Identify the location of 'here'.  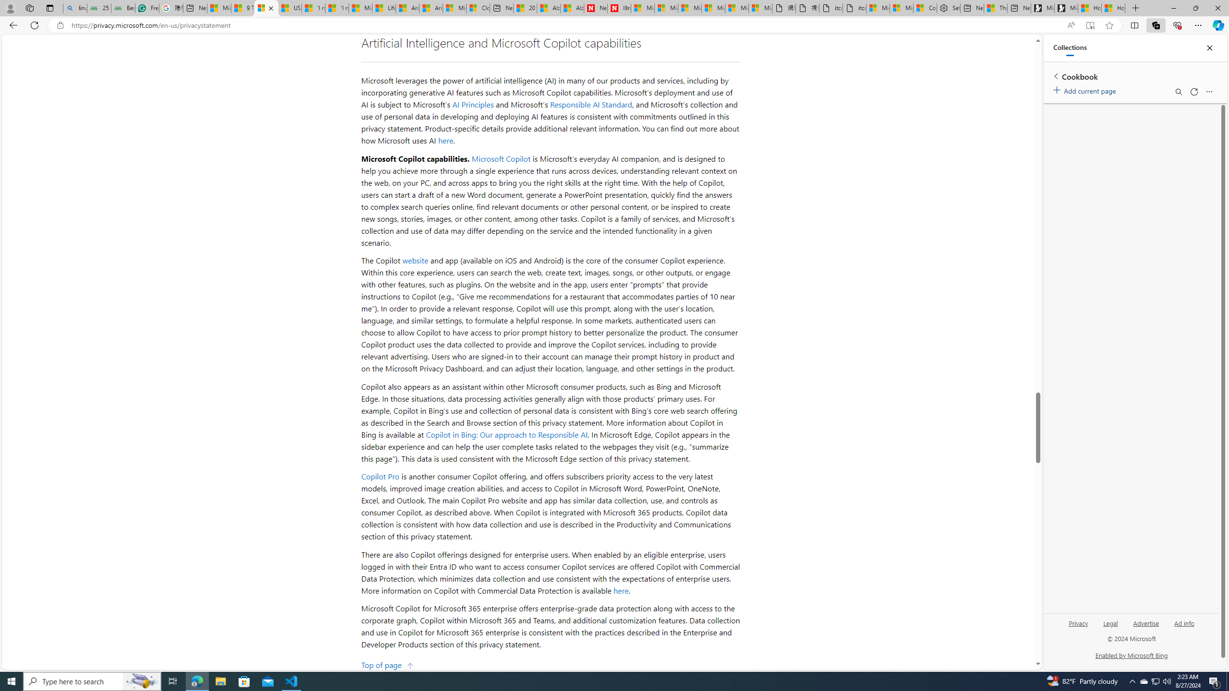
(621, 590).